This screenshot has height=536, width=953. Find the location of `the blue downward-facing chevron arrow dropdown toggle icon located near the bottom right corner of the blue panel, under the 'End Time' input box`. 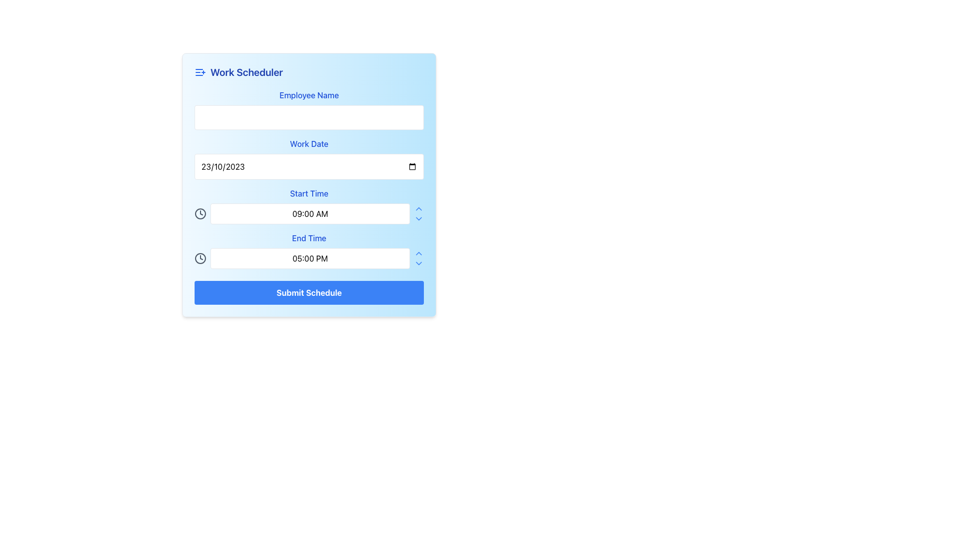

the blue downward-facing chevron arrow dropdown toggle icon located near the bottom right corner of the blue panel, under the 'End Time' input box is located at coordinates (419, 218).